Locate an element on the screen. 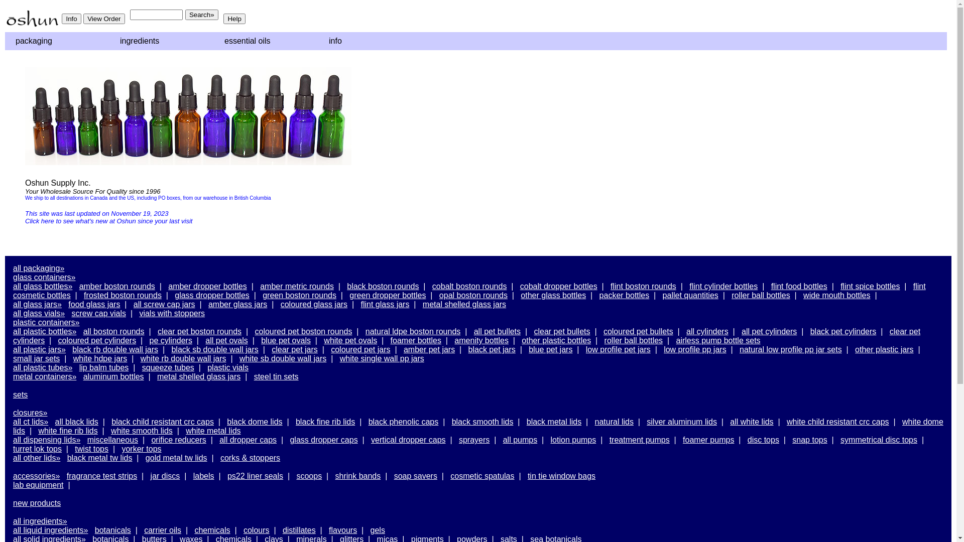  'coloured pet cylinders' is located at coordinates (97, 340).